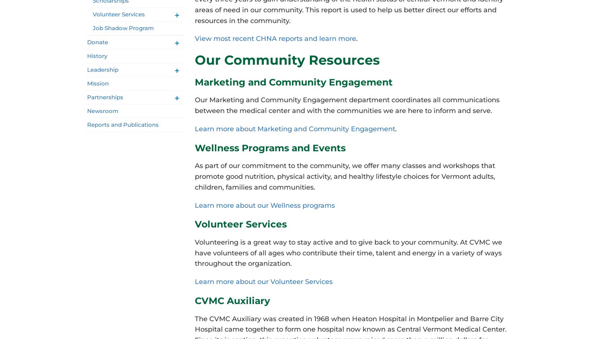 This screenshot has height=339, width=596. What do you see at coordinates (105, 97) in the screenshot?
I see `'Partnerships'` at bounding box center [105, 97].